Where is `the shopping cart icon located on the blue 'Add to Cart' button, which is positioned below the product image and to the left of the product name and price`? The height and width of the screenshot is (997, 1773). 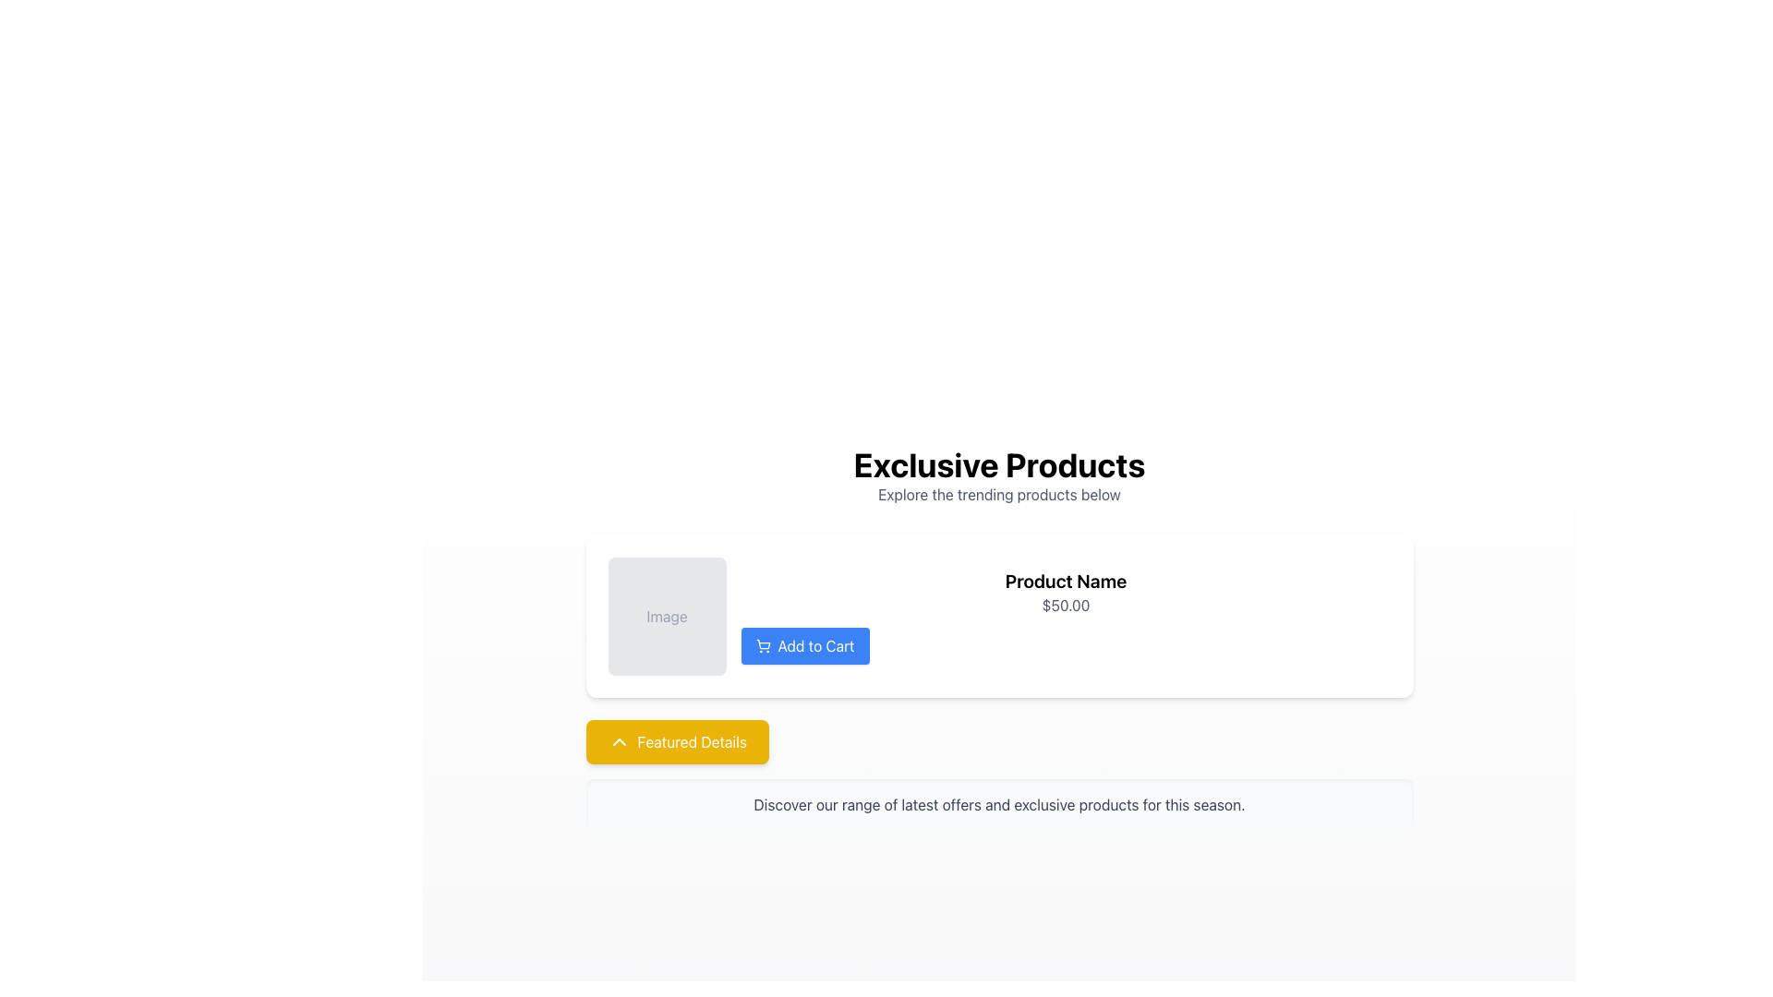
the shopping cart icon located on the blue 'Add to Cart' button, which is positioned below the product image and to the left of the product name and price is located at coordinates (763, 644).